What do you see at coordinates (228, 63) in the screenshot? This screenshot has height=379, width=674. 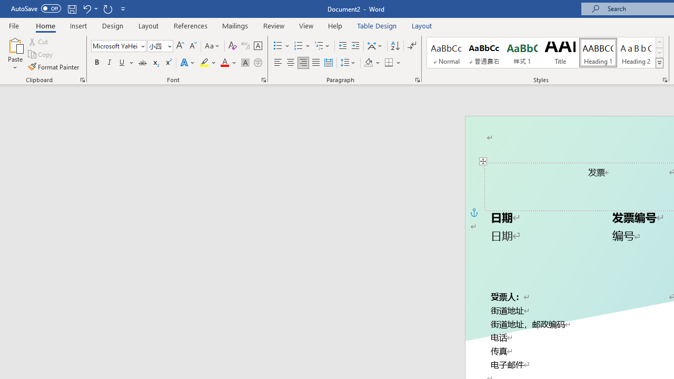 I see `'Font Color'` at bounding box center [228, 63].